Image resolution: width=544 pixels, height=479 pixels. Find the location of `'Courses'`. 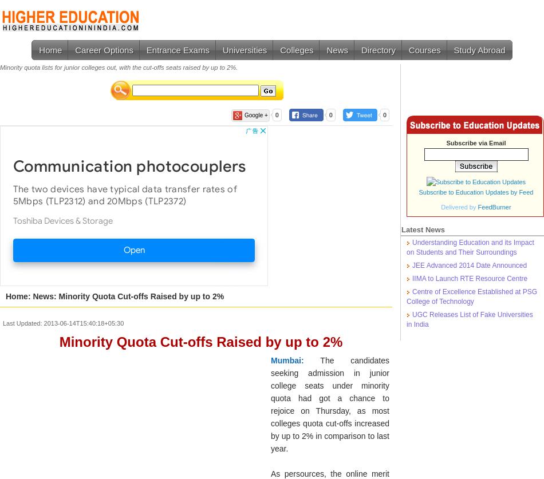

'Courses' is located at coordinates (424, 50).